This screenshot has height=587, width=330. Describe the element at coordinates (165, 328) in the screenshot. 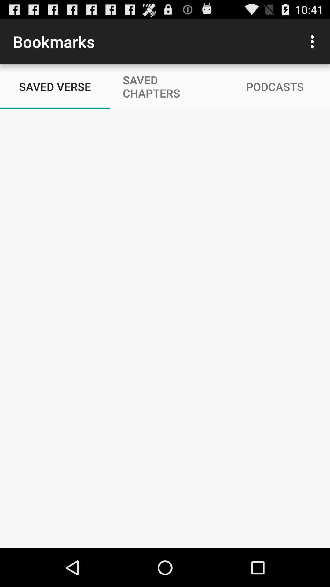

I see `the icon below saved verse item` at that location.